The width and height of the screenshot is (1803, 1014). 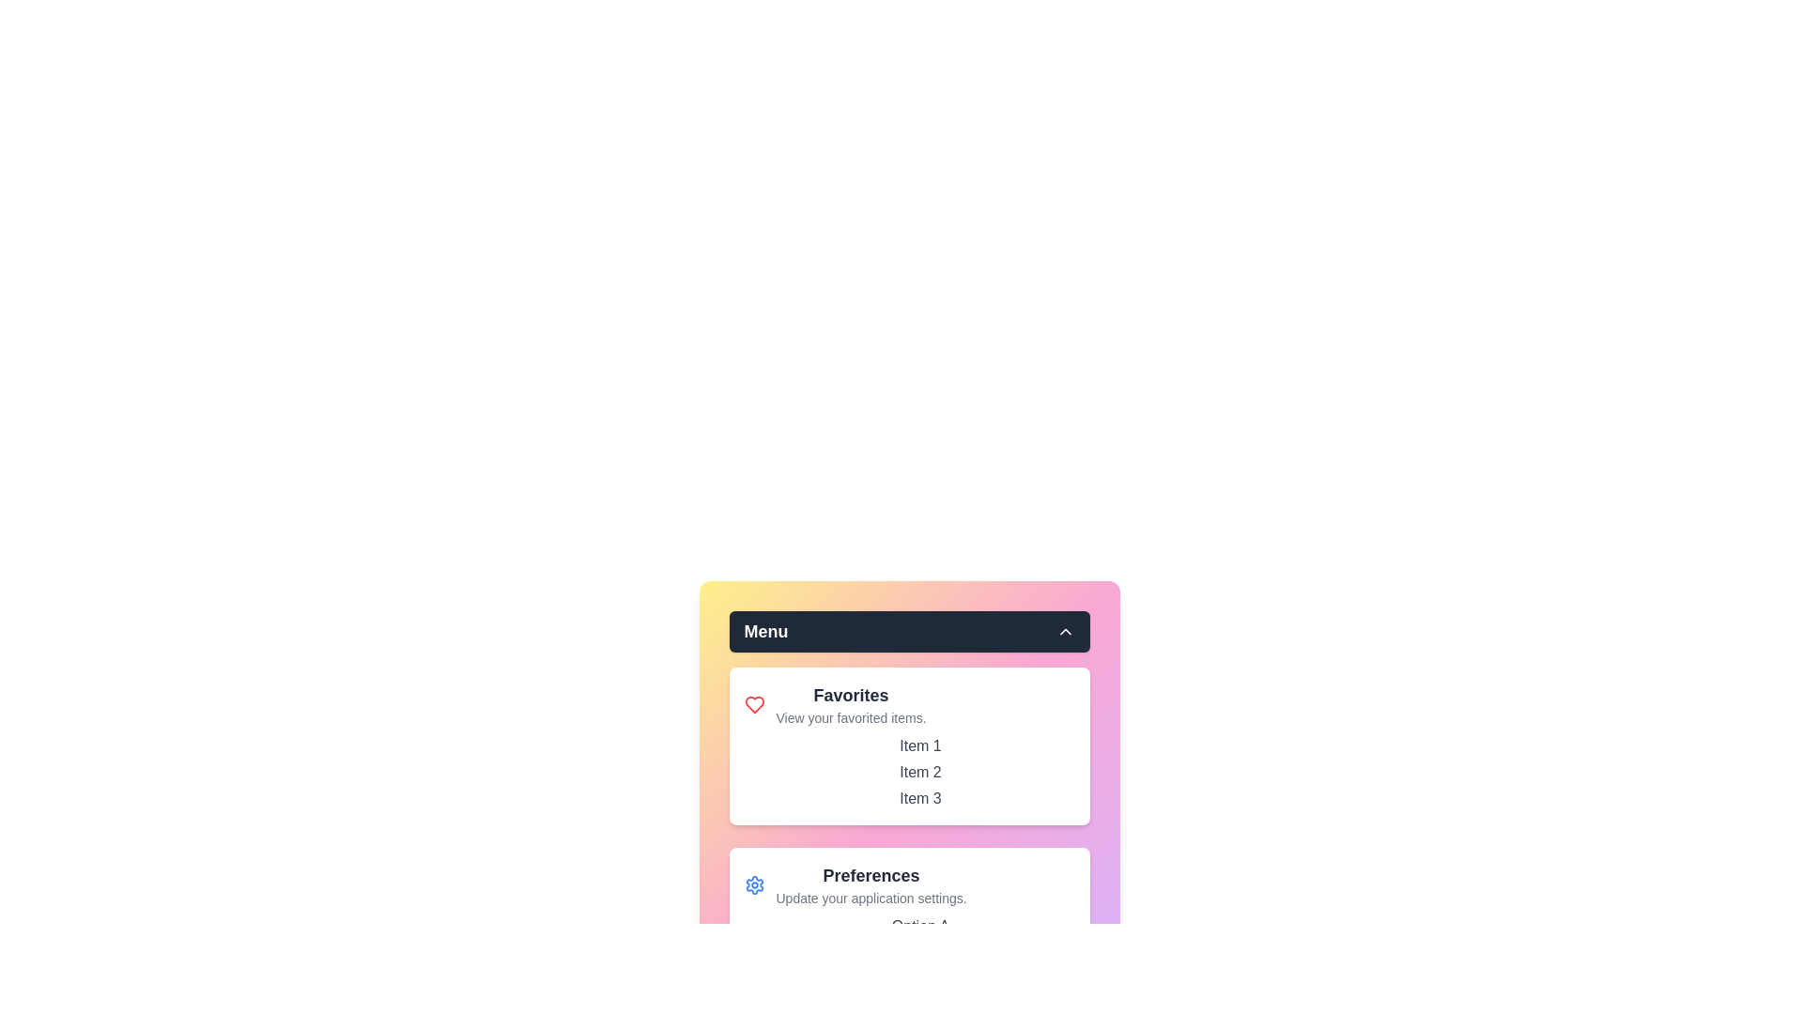 I want to click on the menu button to toggle the menu visibility, so click(x=909, y=631).